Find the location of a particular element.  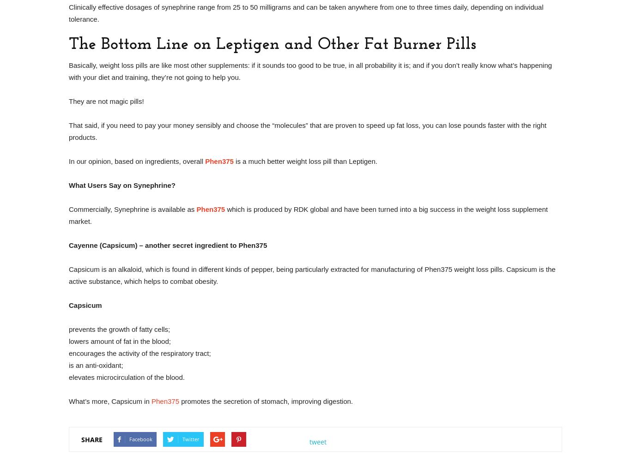

'Commercially, Synephrine is available as' is located at coordinates (68, 209).